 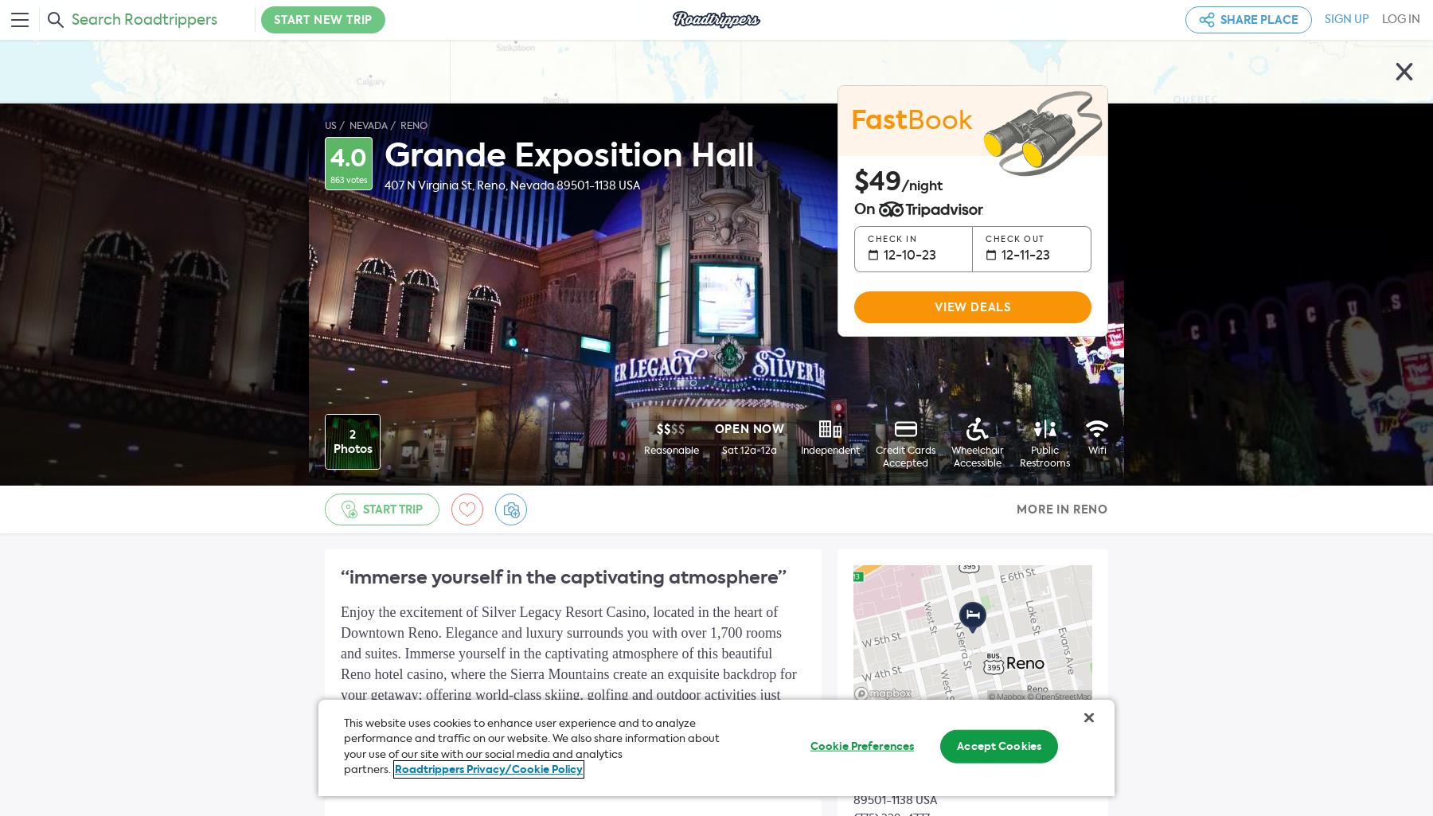 I want to click on 'Web', so click(x=868, y=724).